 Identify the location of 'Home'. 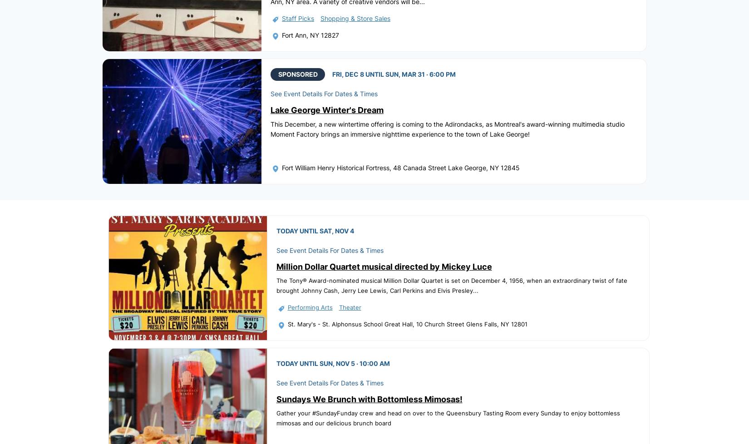
(112, 175).